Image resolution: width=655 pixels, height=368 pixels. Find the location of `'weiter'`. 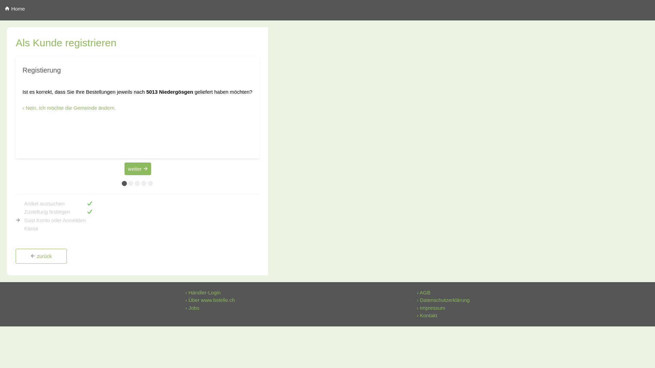

'weiter' is located at coordinates (137, 169).